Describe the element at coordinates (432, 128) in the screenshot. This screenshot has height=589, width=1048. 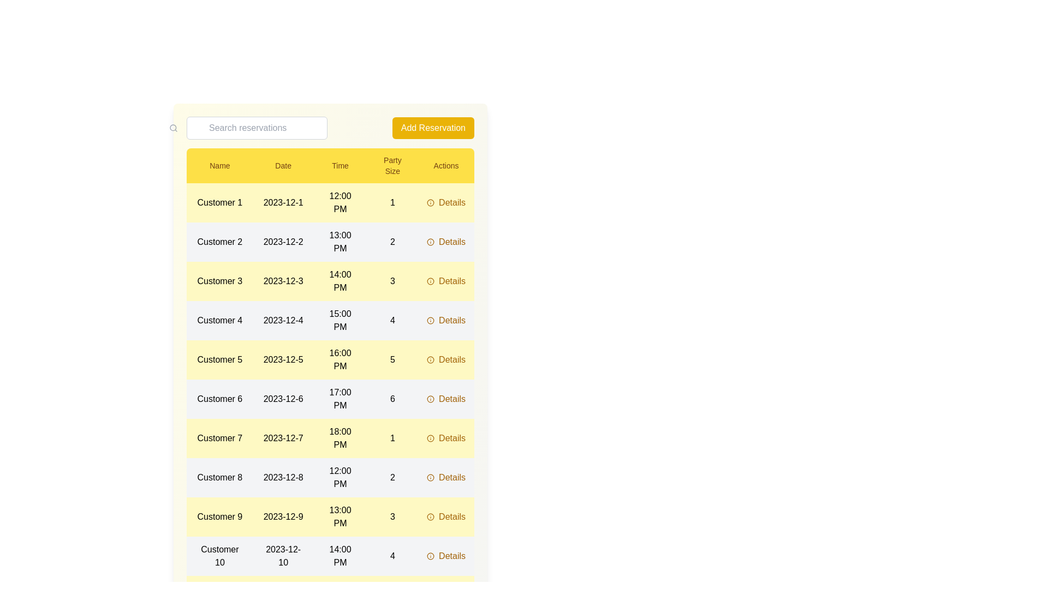
I see `'Add Reservation' button to initiate the process of adding a new reservation` at that location.